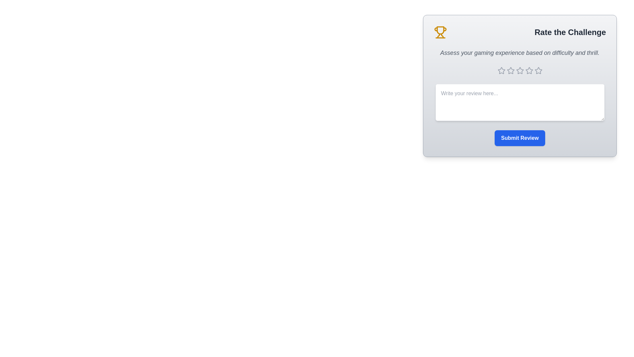 The height and width of the screenshot is (357, 634). I want to click on the star corresponding to the desired rating 4, so click(529, 70).